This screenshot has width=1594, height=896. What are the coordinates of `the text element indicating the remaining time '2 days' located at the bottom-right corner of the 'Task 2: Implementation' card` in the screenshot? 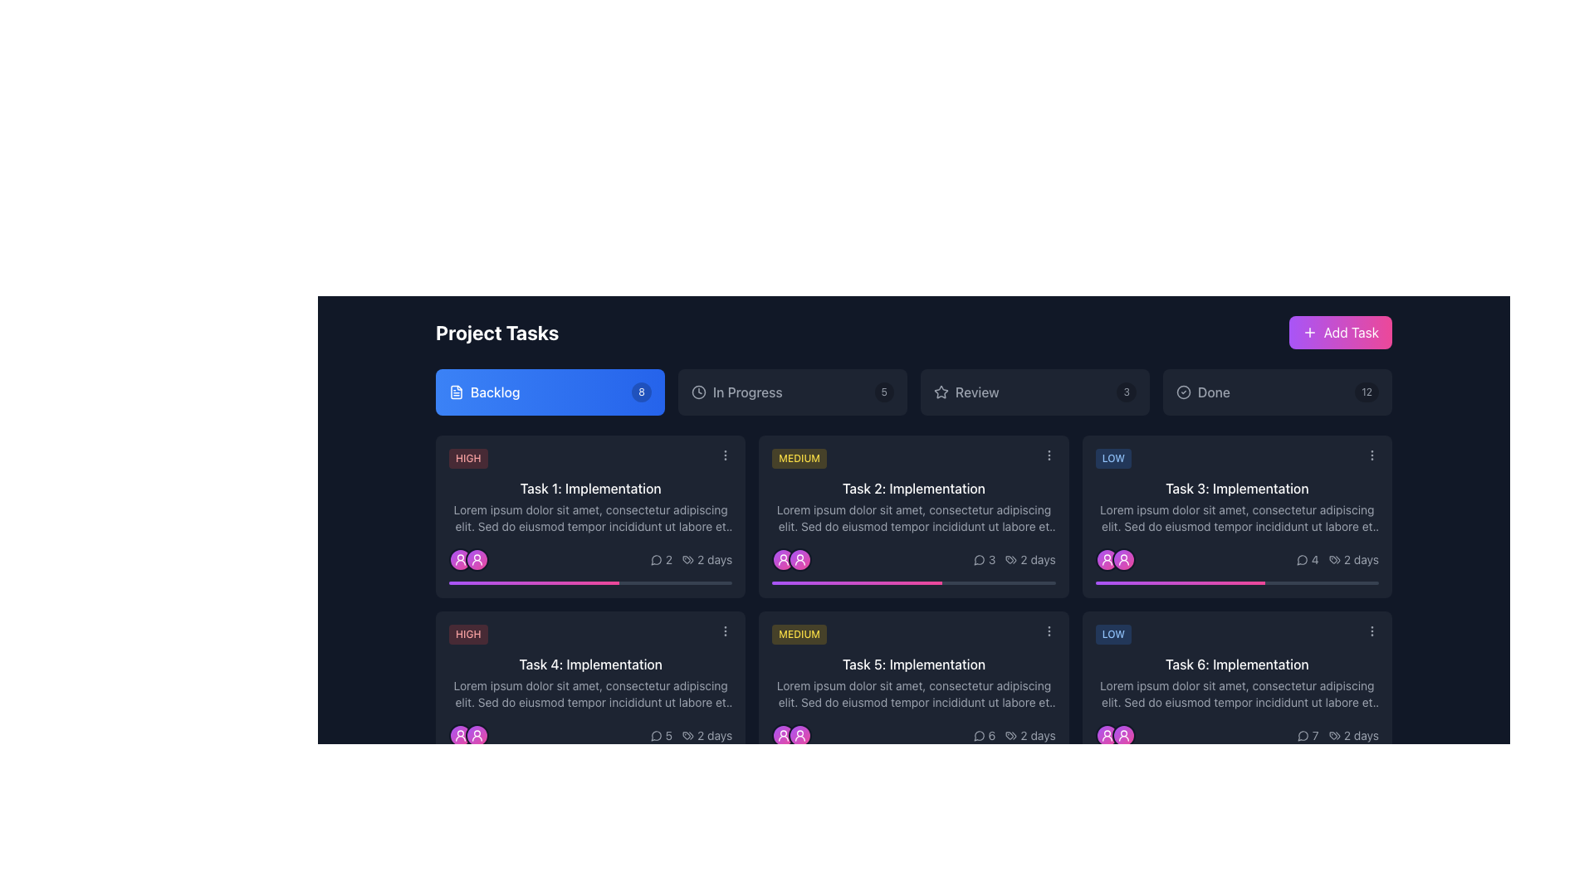 It's located at (1037, 560).